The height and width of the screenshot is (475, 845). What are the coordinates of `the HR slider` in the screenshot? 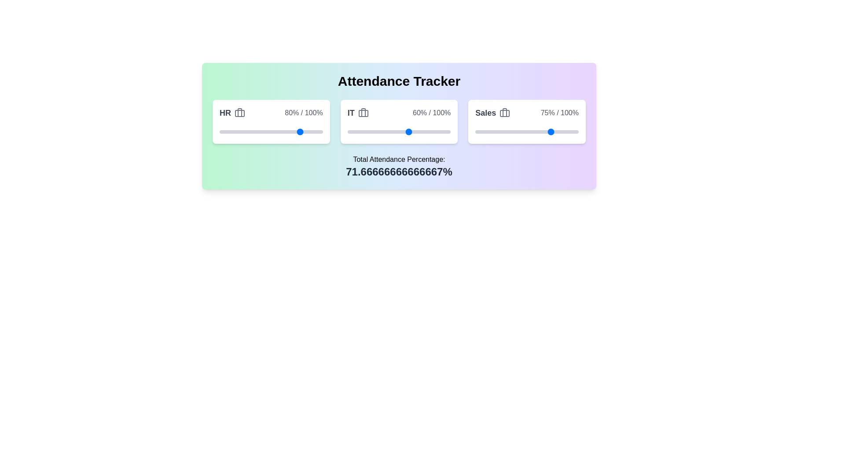 It's located at (258, 132).